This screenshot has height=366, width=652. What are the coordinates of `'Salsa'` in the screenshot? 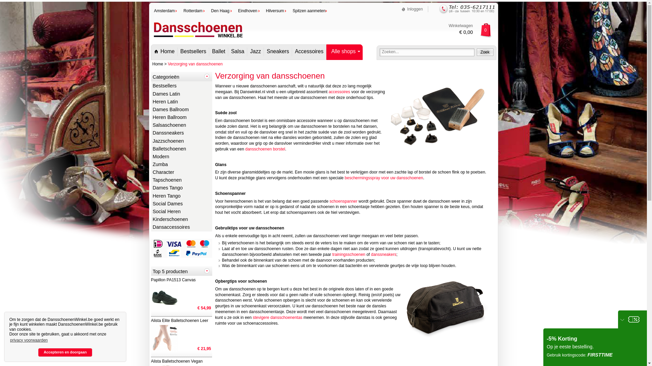 It's located at (237, 52).